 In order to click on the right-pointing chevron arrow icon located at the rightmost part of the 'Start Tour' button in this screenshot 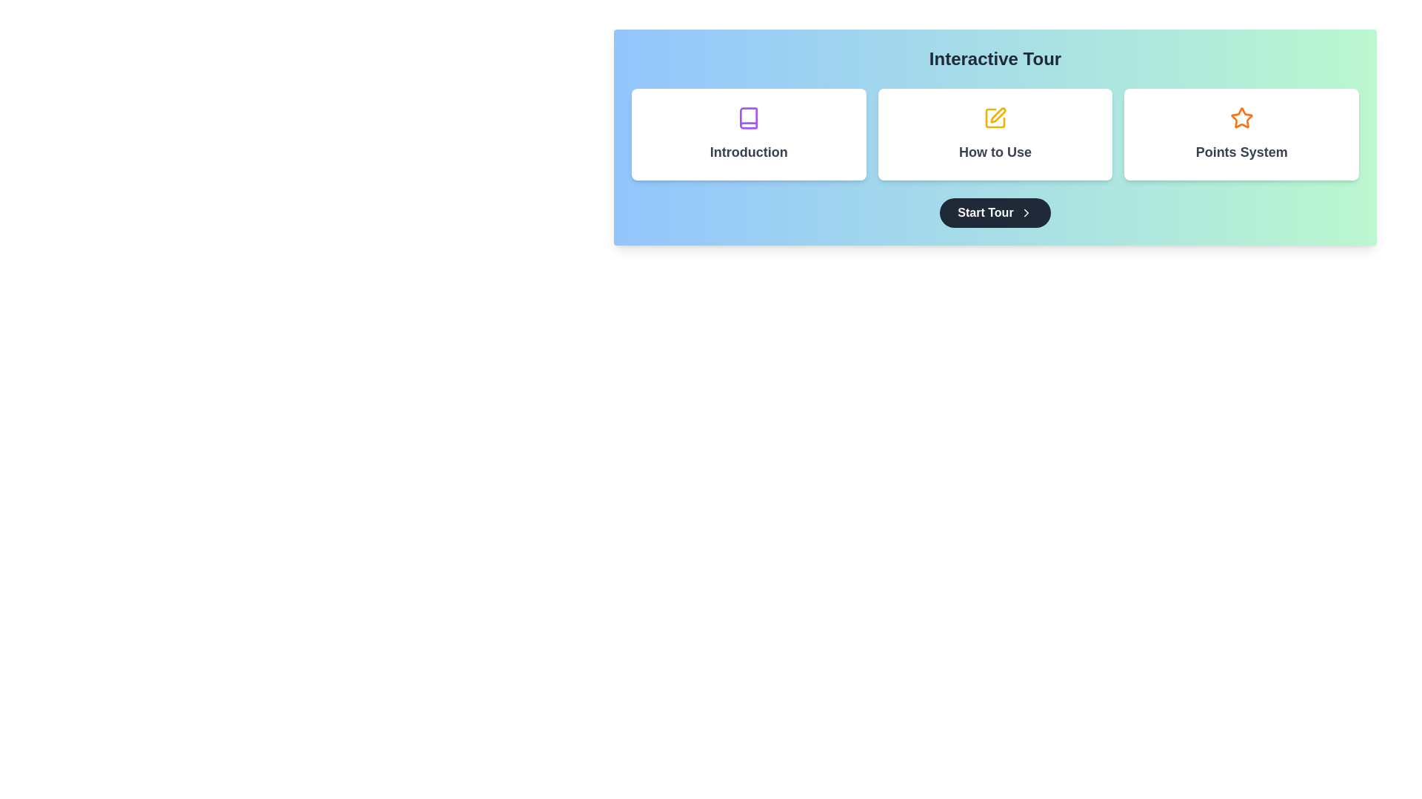, I will do `click(1025, 213)`.